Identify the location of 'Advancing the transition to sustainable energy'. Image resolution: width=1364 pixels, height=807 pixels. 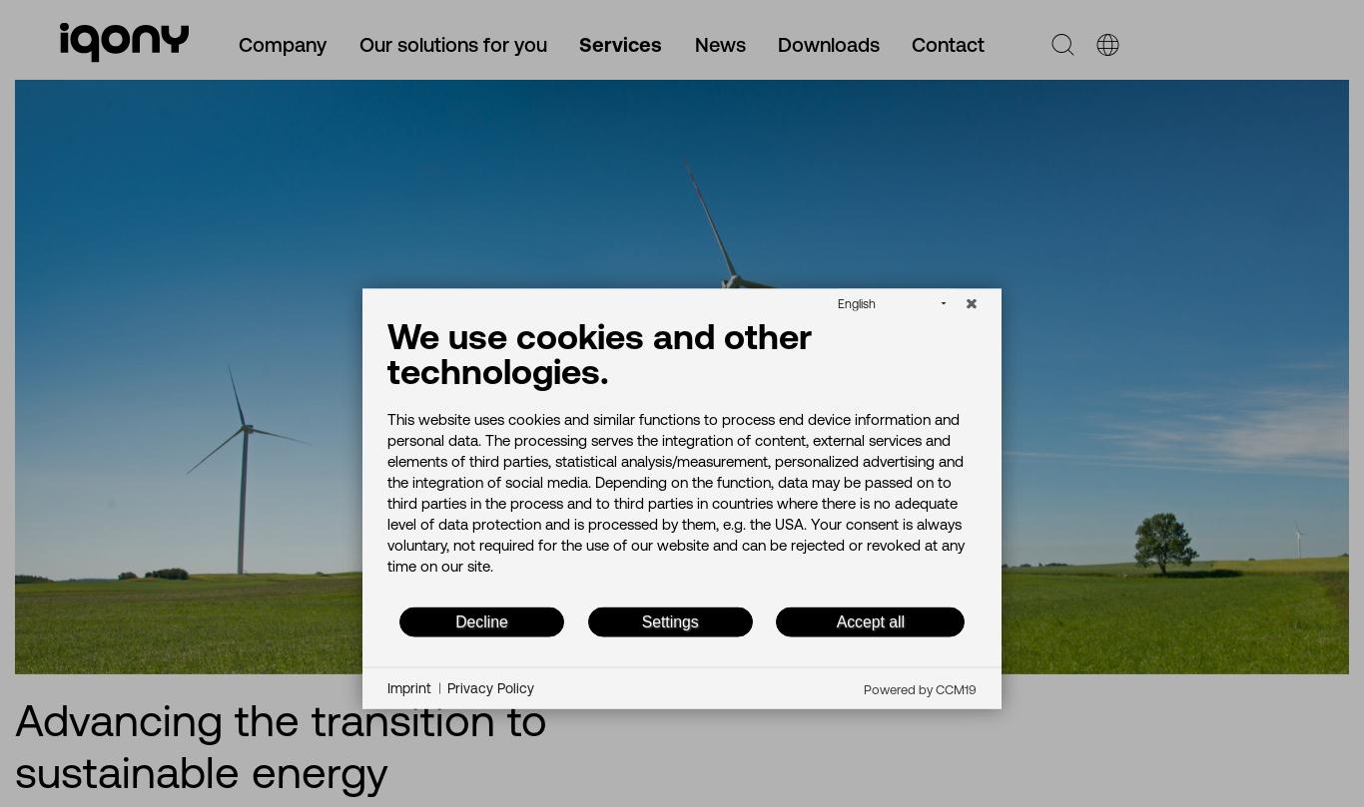
(281, 744).